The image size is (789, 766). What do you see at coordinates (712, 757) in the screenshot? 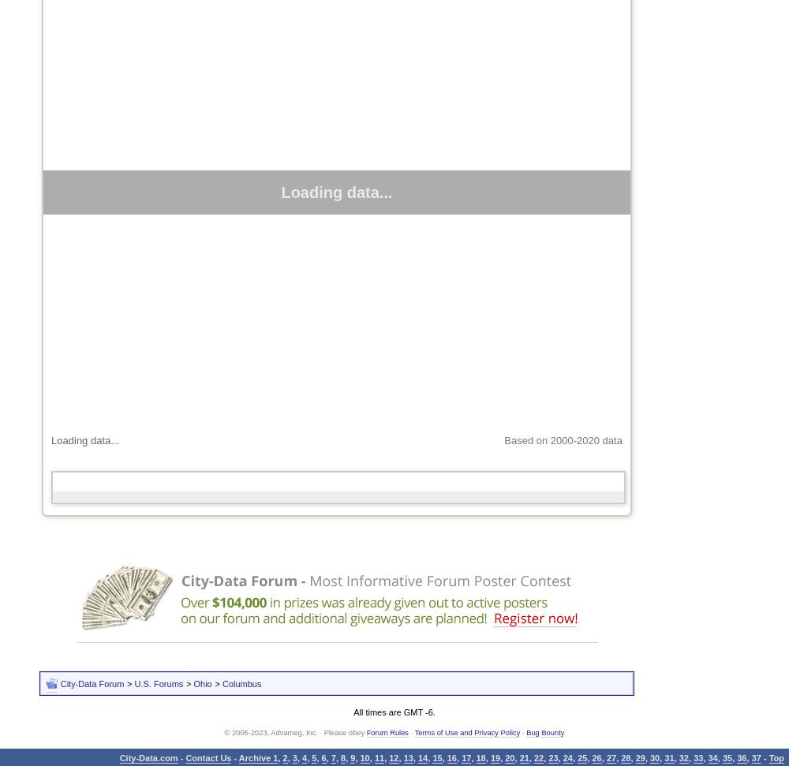
I see `'34'` at bounding box center [712, 757].